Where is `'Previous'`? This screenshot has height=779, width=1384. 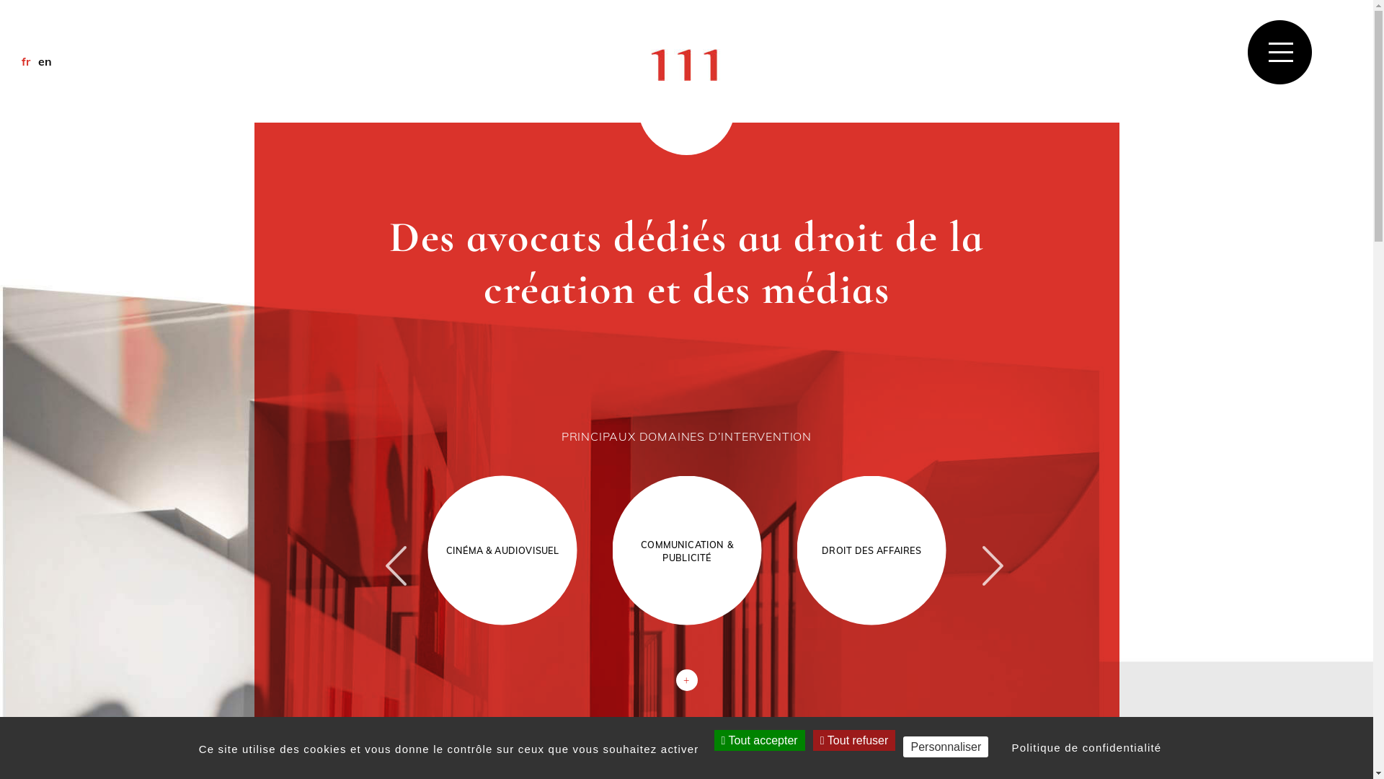
'Previous' is located at coordinates (387, 550).